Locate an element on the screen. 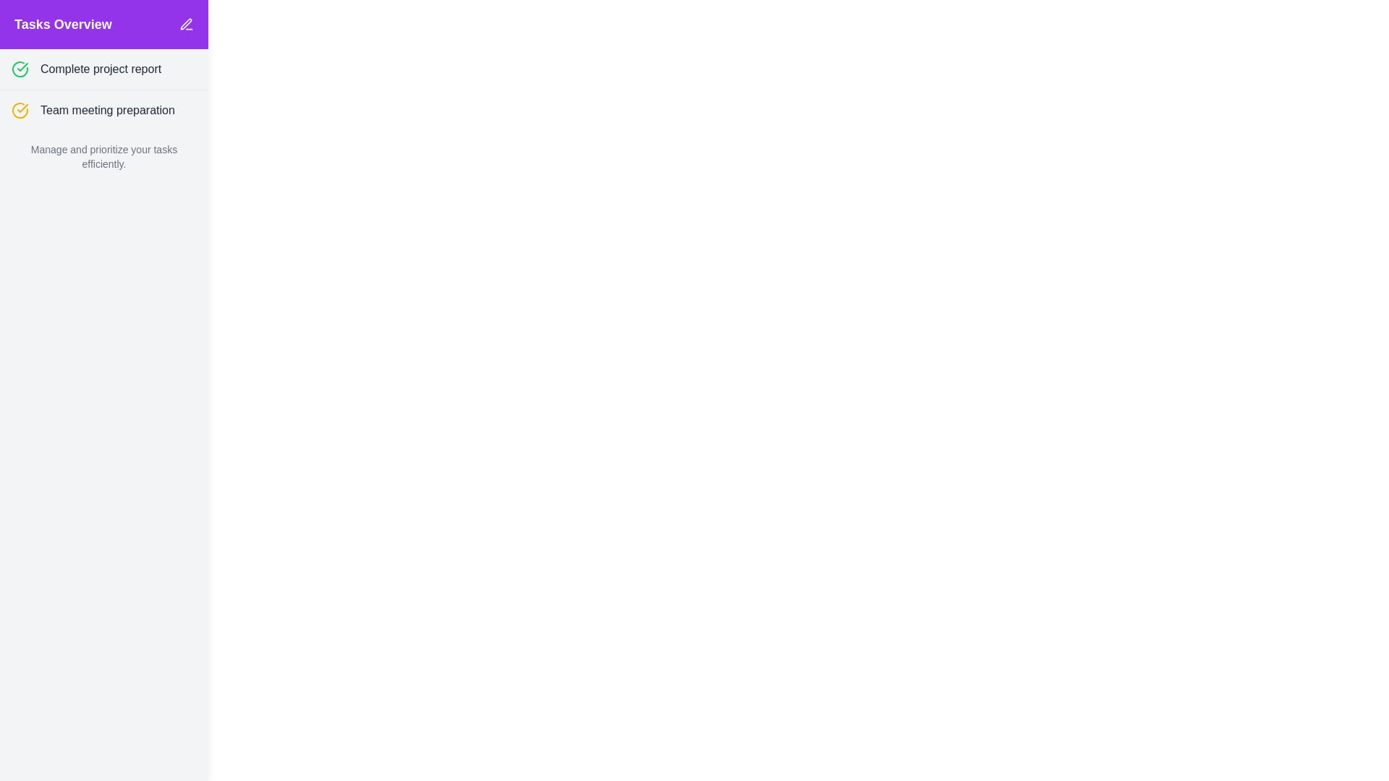  the toggle button to change the drawer visibility is located at coordinates (56, 35).